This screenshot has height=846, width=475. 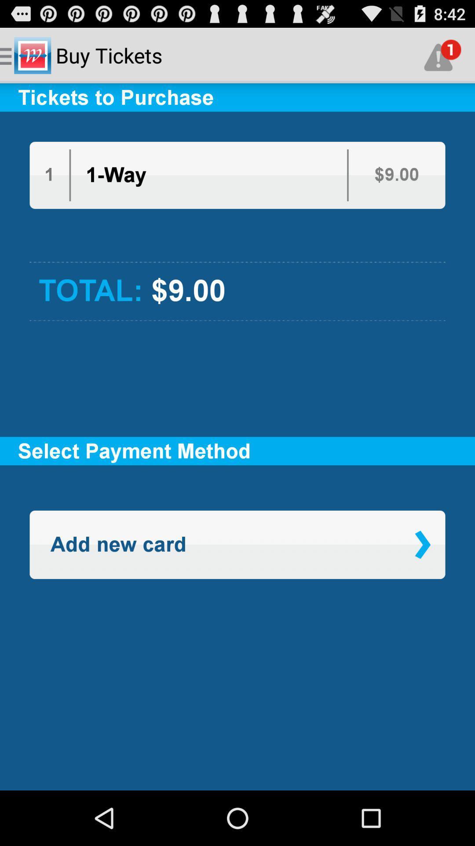 What do you see at coordinates (422, 544) in the screenshot?
I see `the item next to the add new card item` at bounding box center [422, 544].